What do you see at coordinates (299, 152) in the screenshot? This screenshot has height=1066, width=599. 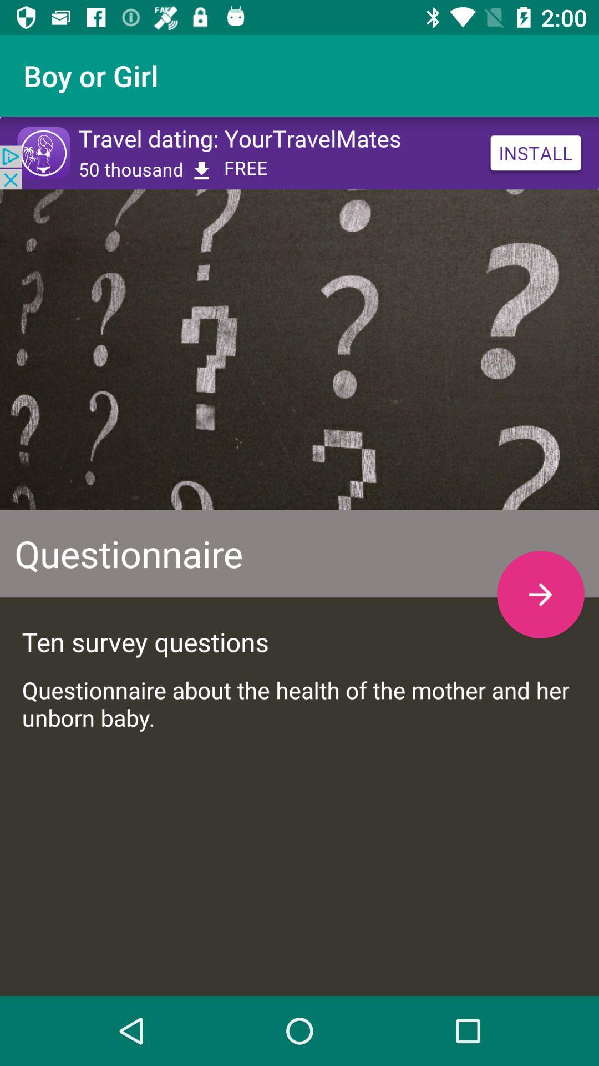 I see `advertisement bar` at bounding box center [299, 152].